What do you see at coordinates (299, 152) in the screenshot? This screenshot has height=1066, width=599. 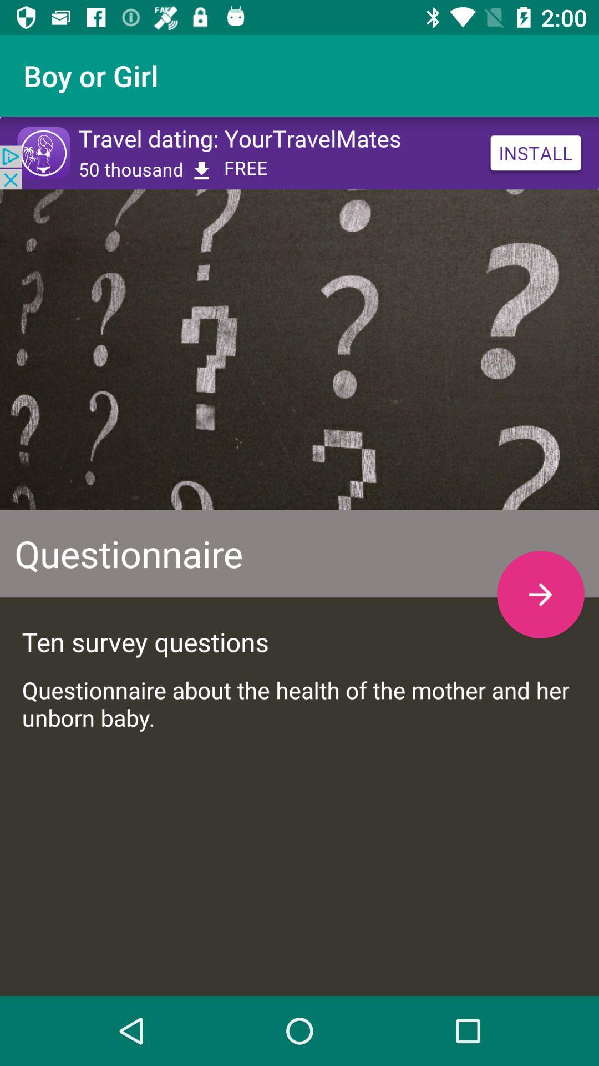 I see `advertisement bar` at bounding box center [299, 152].